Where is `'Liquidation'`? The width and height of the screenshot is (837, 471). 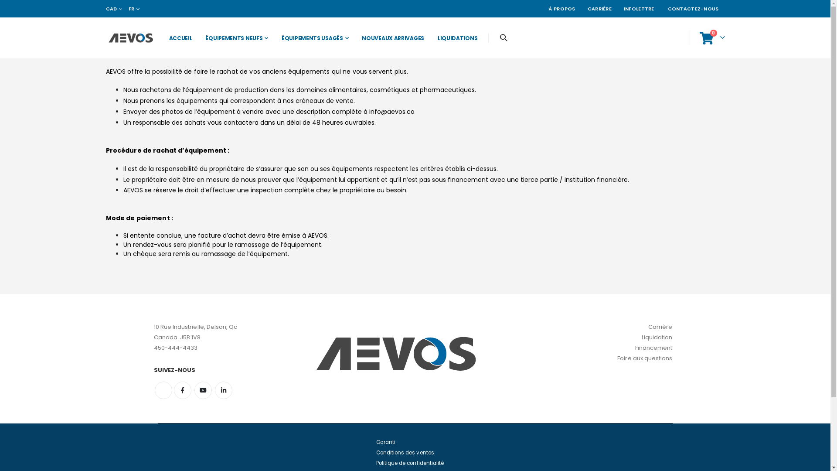
'Liquidation' is located at coordinates (657, 337).